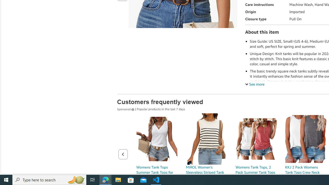 The height and width of the screenshot is (185, 329). What do you see at coordinates (126, 108) in the screenshot?
I see `'Sponsored '` at bounding box center [126, 108].